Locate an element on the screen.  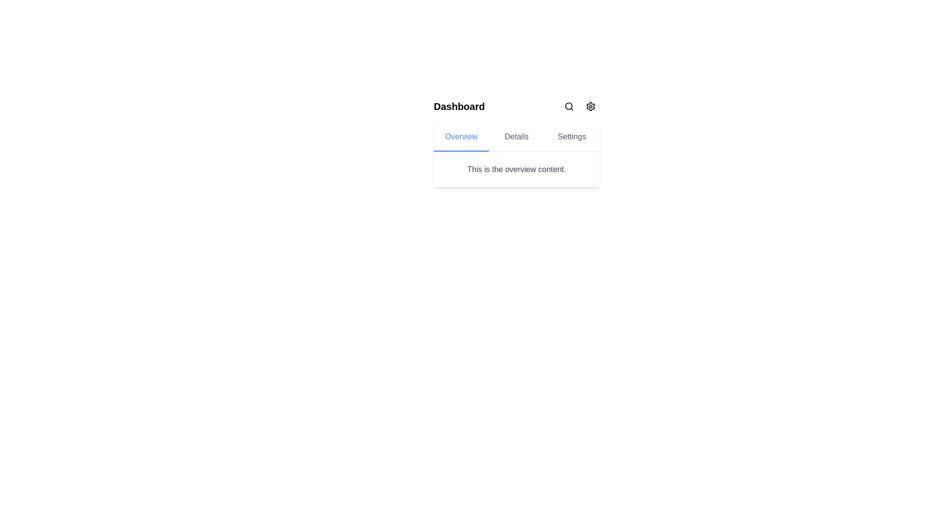
the Search icon located at the top-right section of the interface, near the title 'Dashboard' is located at coordinates (569, 107).